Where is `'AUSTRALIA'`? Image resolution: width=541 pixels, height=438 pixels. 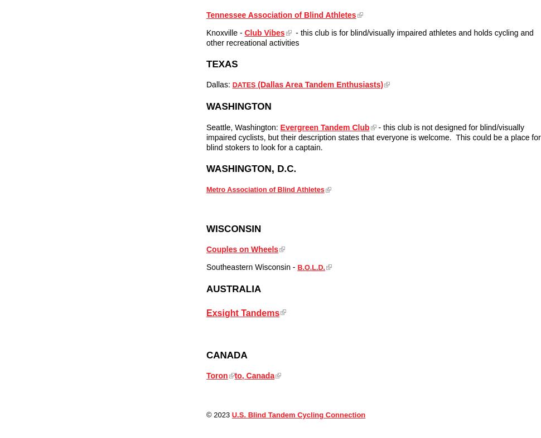
'AUSTRALIA' is located at coordinates (234, 289).